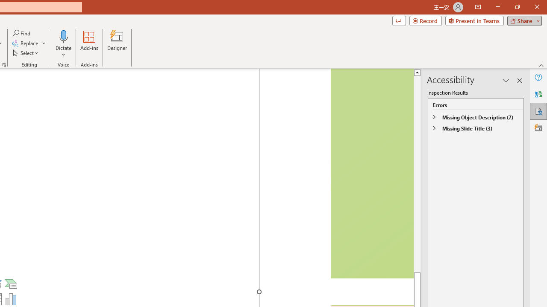 This screenshot has height=307, width=547. Describe the element at coordinates (417, 72) in the screenshot. I see `'Line up'` at that location.